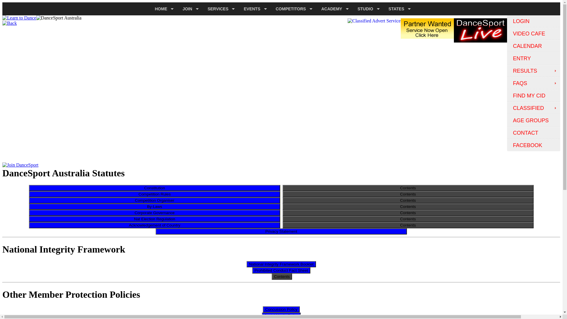 The width and height of the screenshot is (567, 319). I want to click on 'Competition Organiser', so click(154, 200).